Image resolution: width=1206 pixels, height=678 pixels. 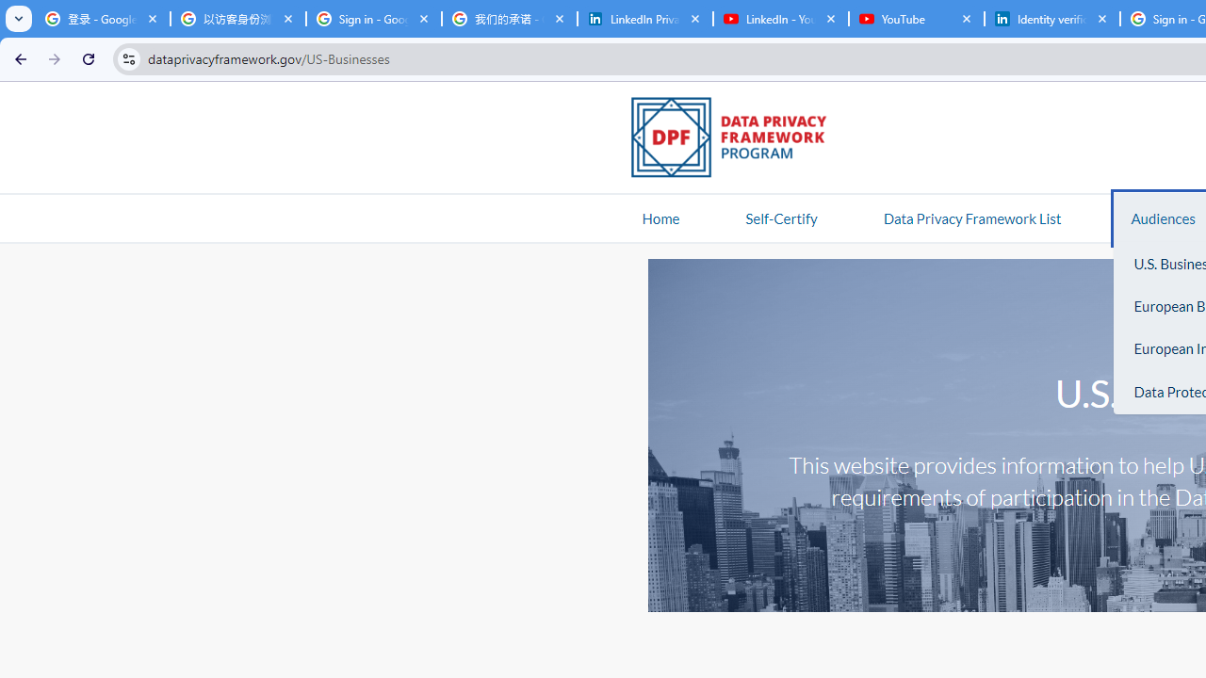 What do you see at coordinates (1051, 19) in the screenshot?
I see `'Identity verification via Persona | LinkedIn Help'` at bounding box center [1051, 19].